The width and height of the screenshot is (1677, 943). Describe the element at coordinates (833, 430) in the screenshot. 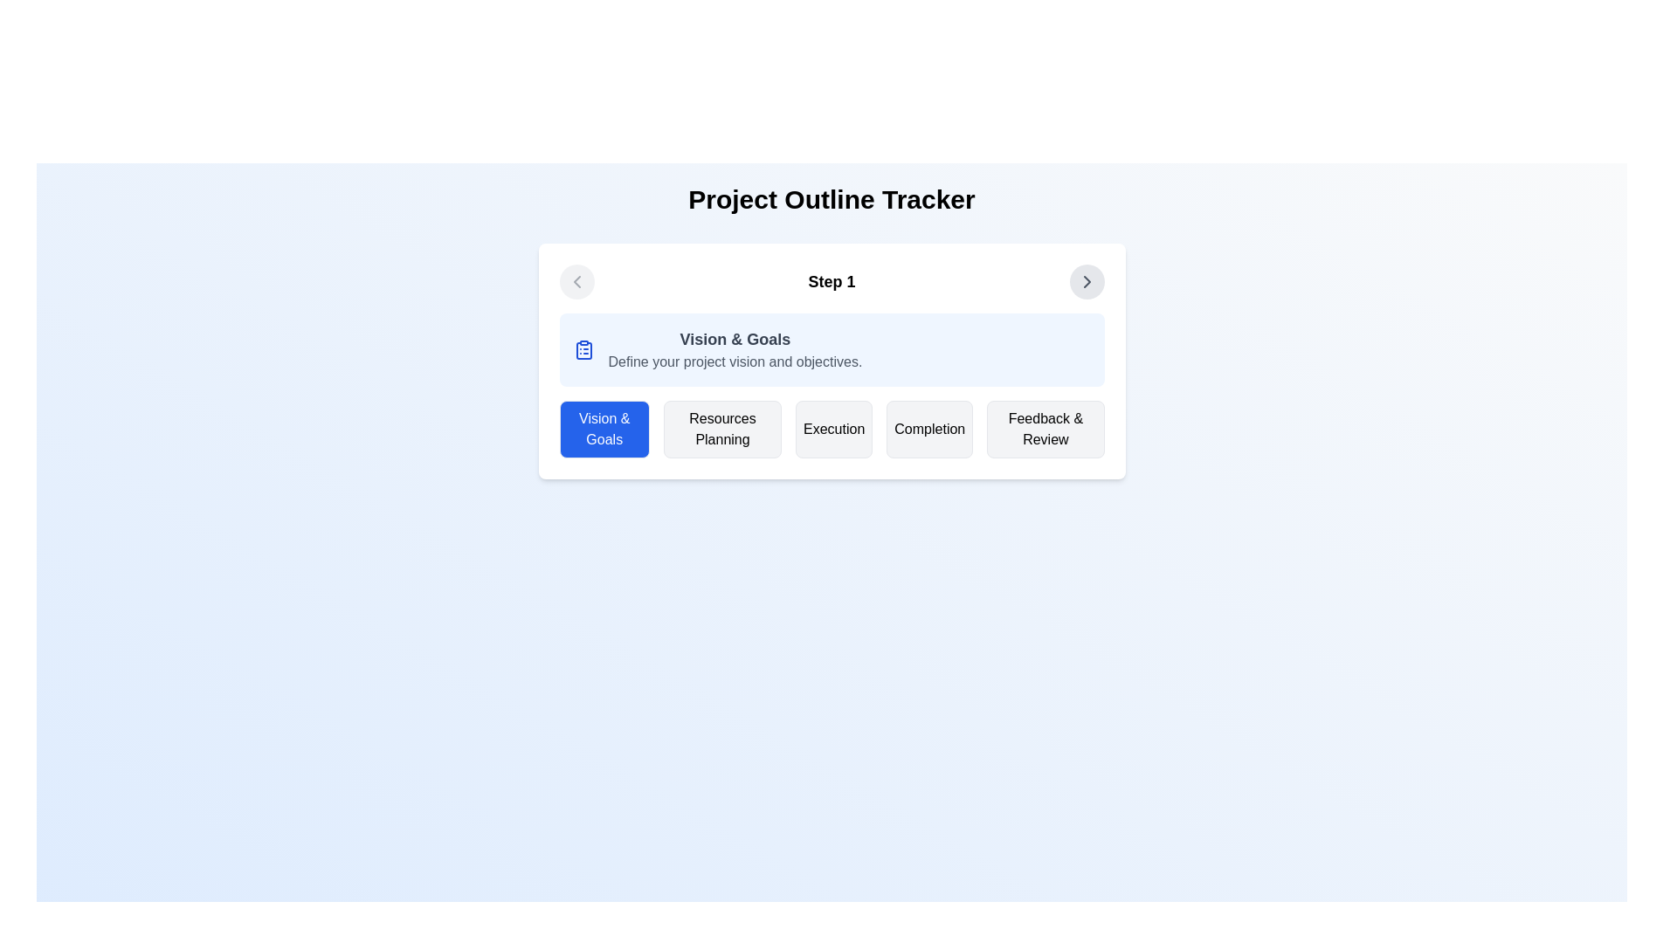

I see `the 'Execution' button, which is the third button from the left in the navigation row` at that location.